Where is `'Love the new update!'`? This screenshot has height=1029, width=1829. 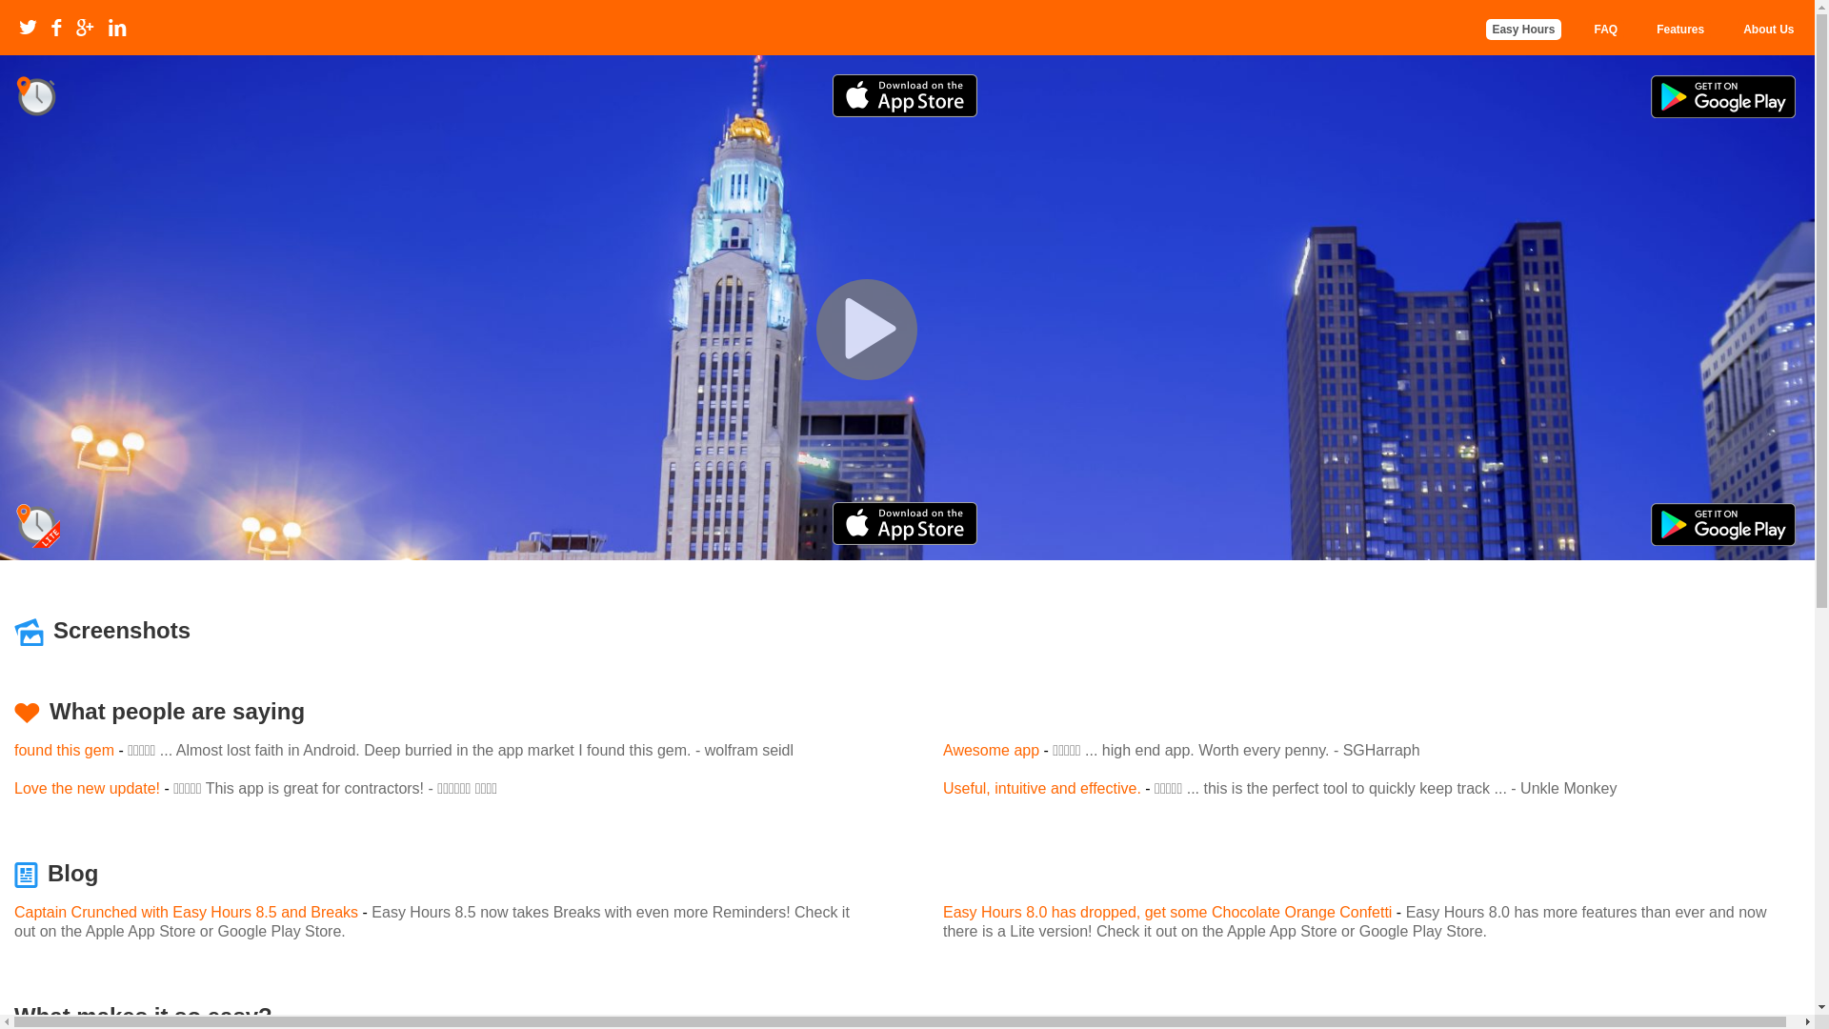 'Love the new update!' is located at coordinates (86, 788).